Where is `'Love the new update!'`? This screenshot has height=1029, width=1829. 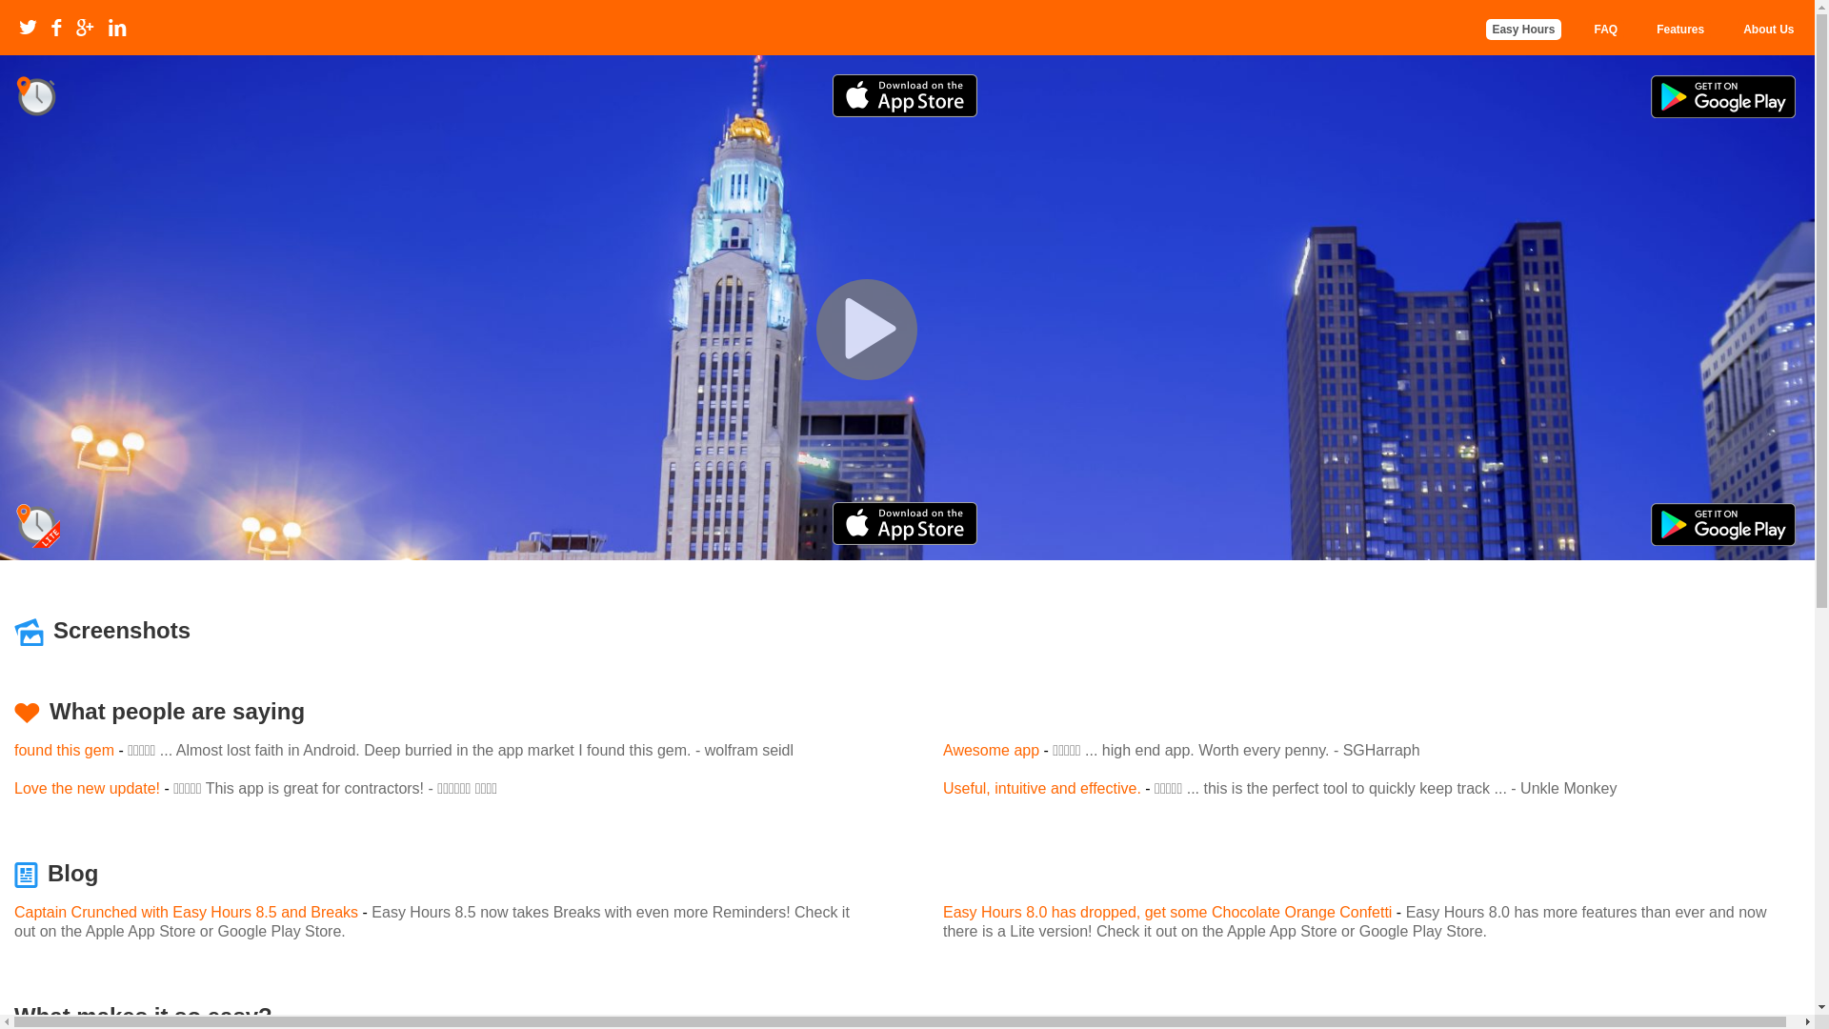 'Love the new update!' is located at coordinates (86, 788).